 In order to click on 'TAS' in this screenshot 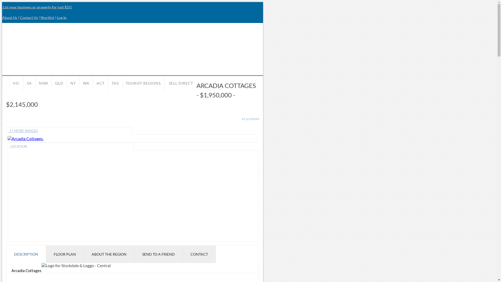, I will do `click(115, 83)`.